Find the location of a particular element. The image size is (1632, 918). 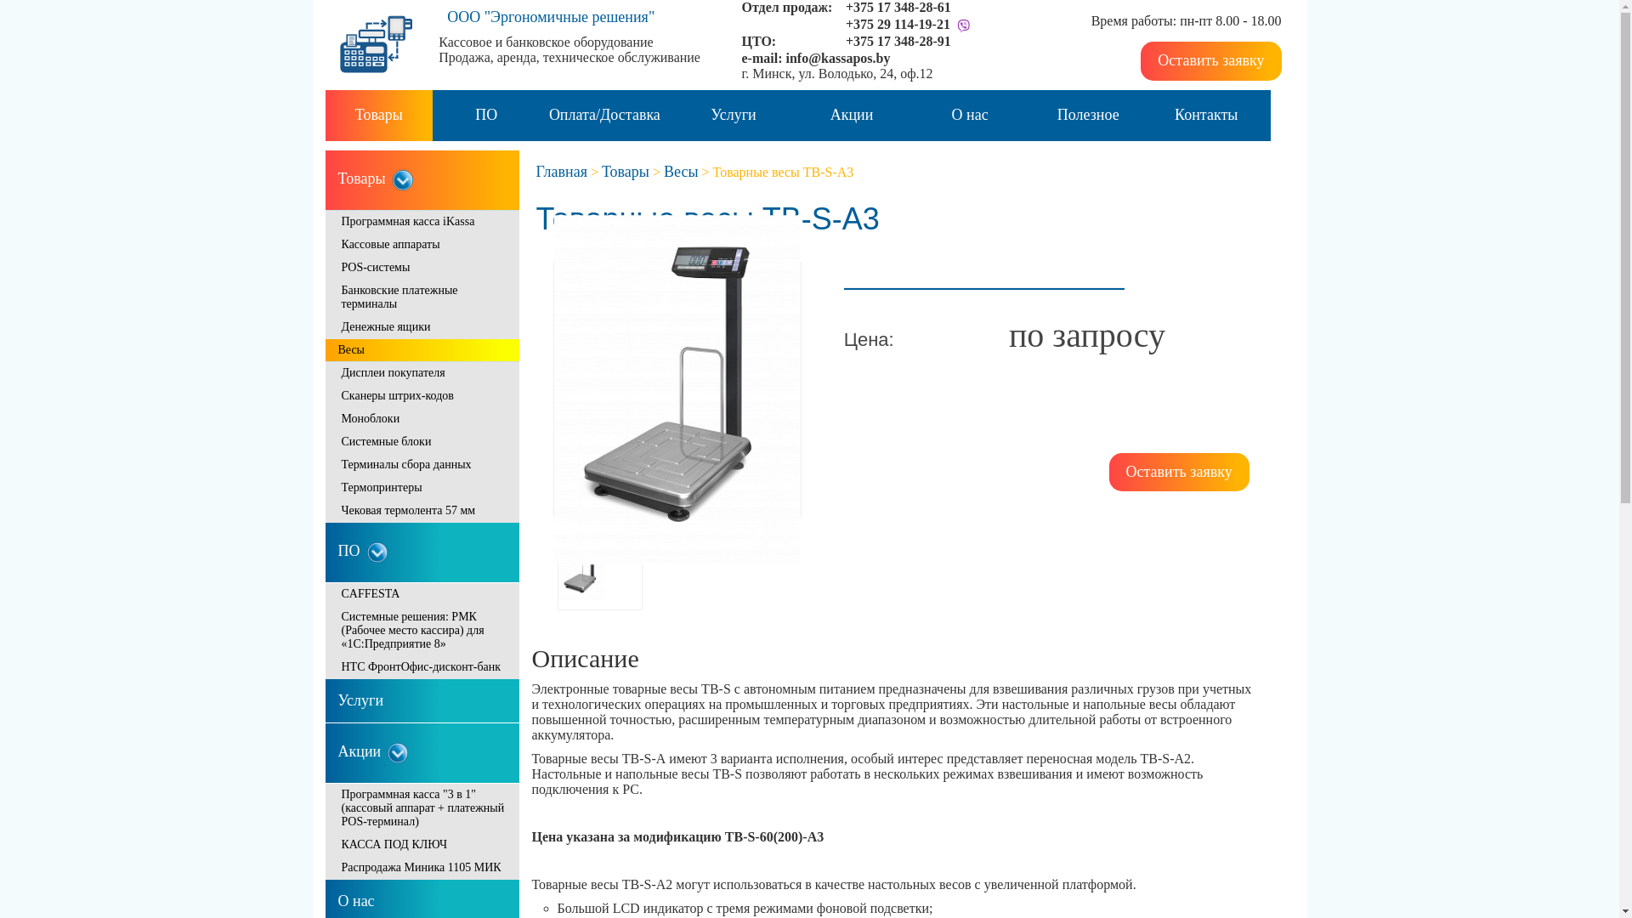

'+375 29 114-19-21' is located at coordinates (897, 24).